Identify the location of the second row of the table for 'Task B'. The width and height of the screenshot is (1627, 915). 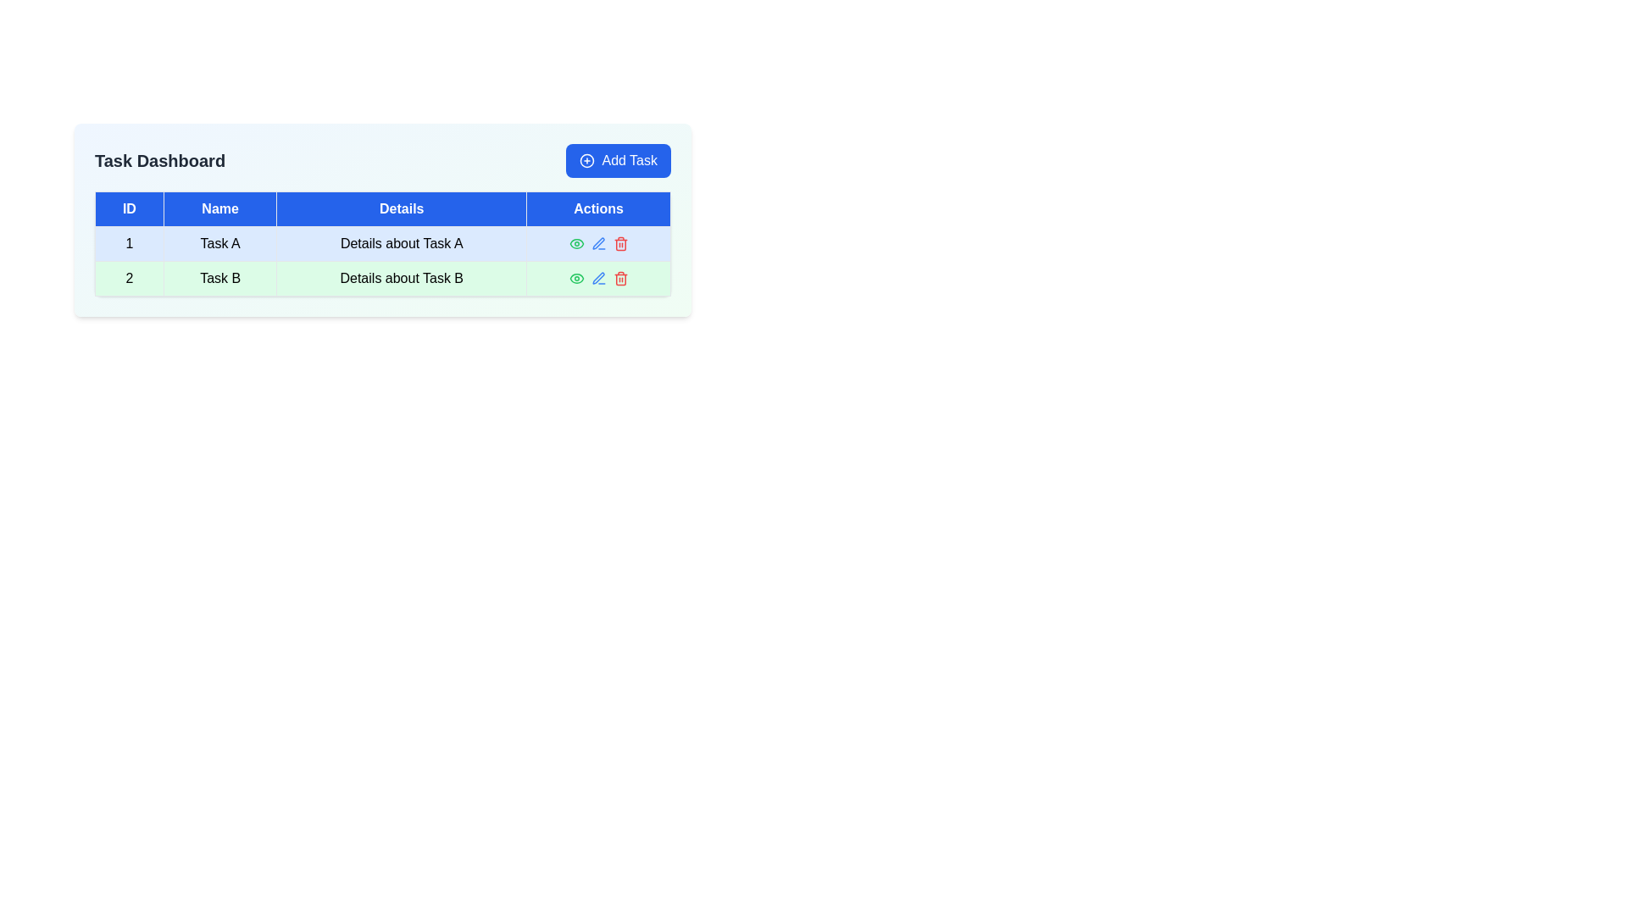
(381, 277).